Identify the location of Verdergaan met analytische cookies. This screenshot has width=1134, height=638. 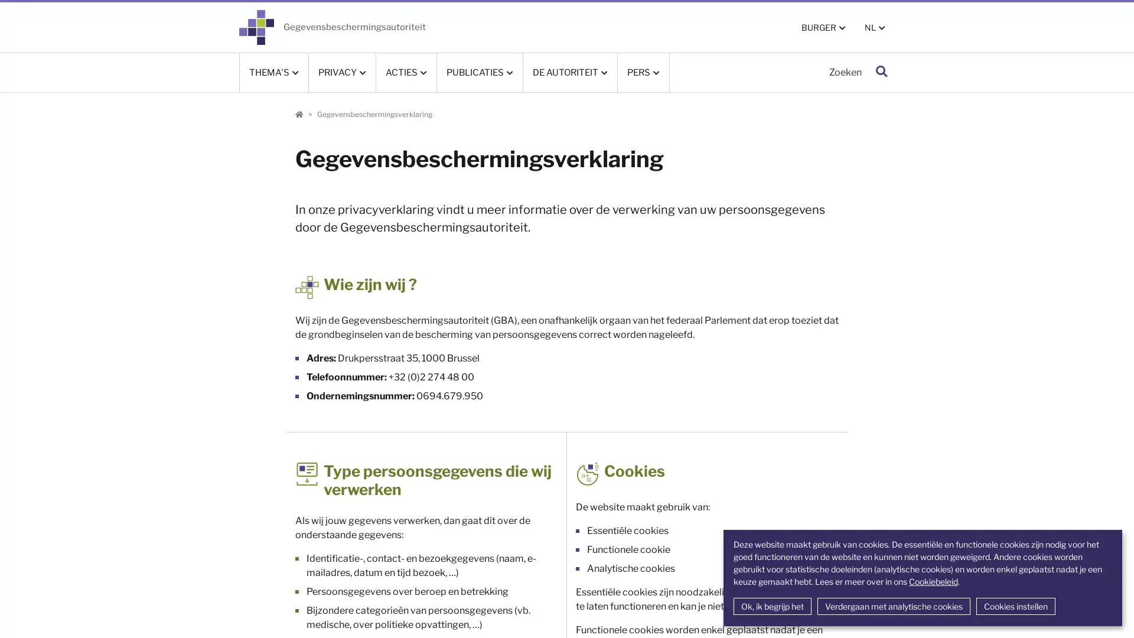
(893, 606).